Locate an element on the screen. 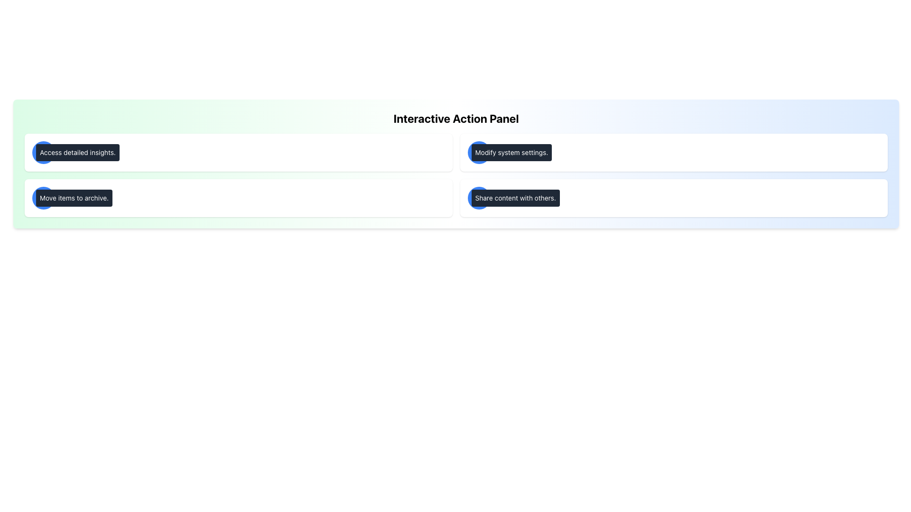  the SVG Circle located in the top-left quadrant of the interface, which serves as a graphical design element for visual emphasis is located at coordinates (43, 152).